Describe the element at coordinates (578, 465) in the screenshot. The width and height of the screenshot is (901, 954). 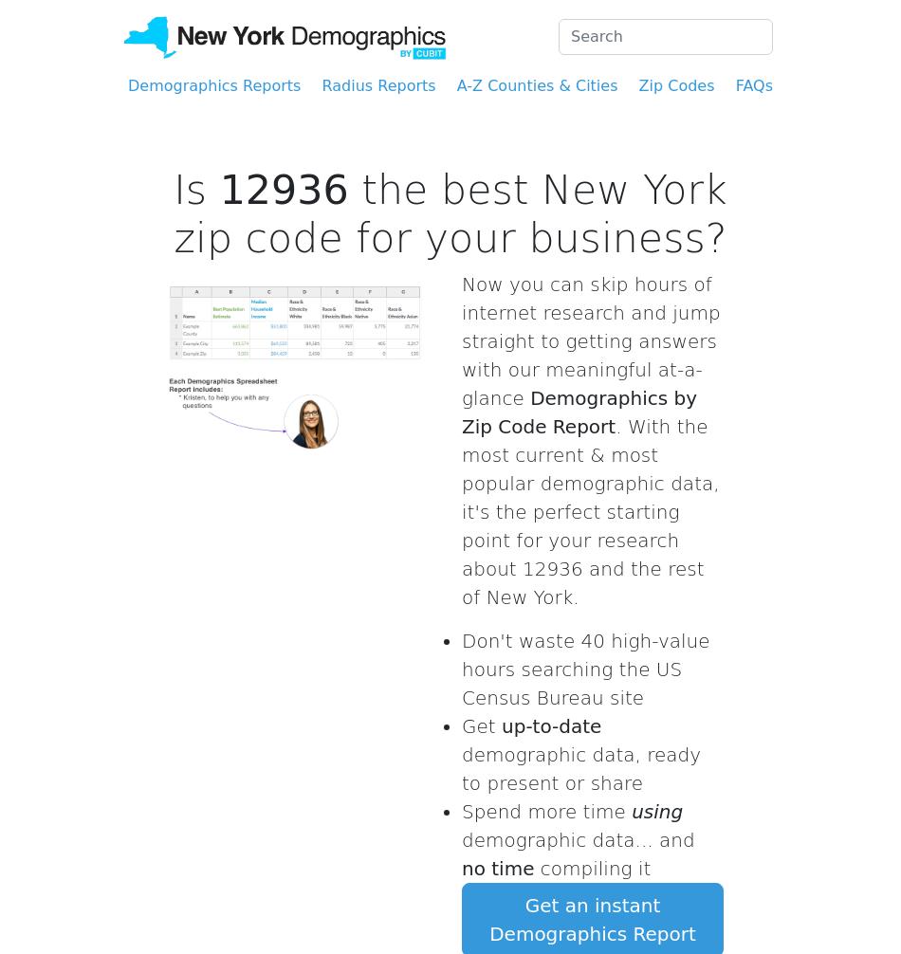
I see `'taken hours'` at that location.